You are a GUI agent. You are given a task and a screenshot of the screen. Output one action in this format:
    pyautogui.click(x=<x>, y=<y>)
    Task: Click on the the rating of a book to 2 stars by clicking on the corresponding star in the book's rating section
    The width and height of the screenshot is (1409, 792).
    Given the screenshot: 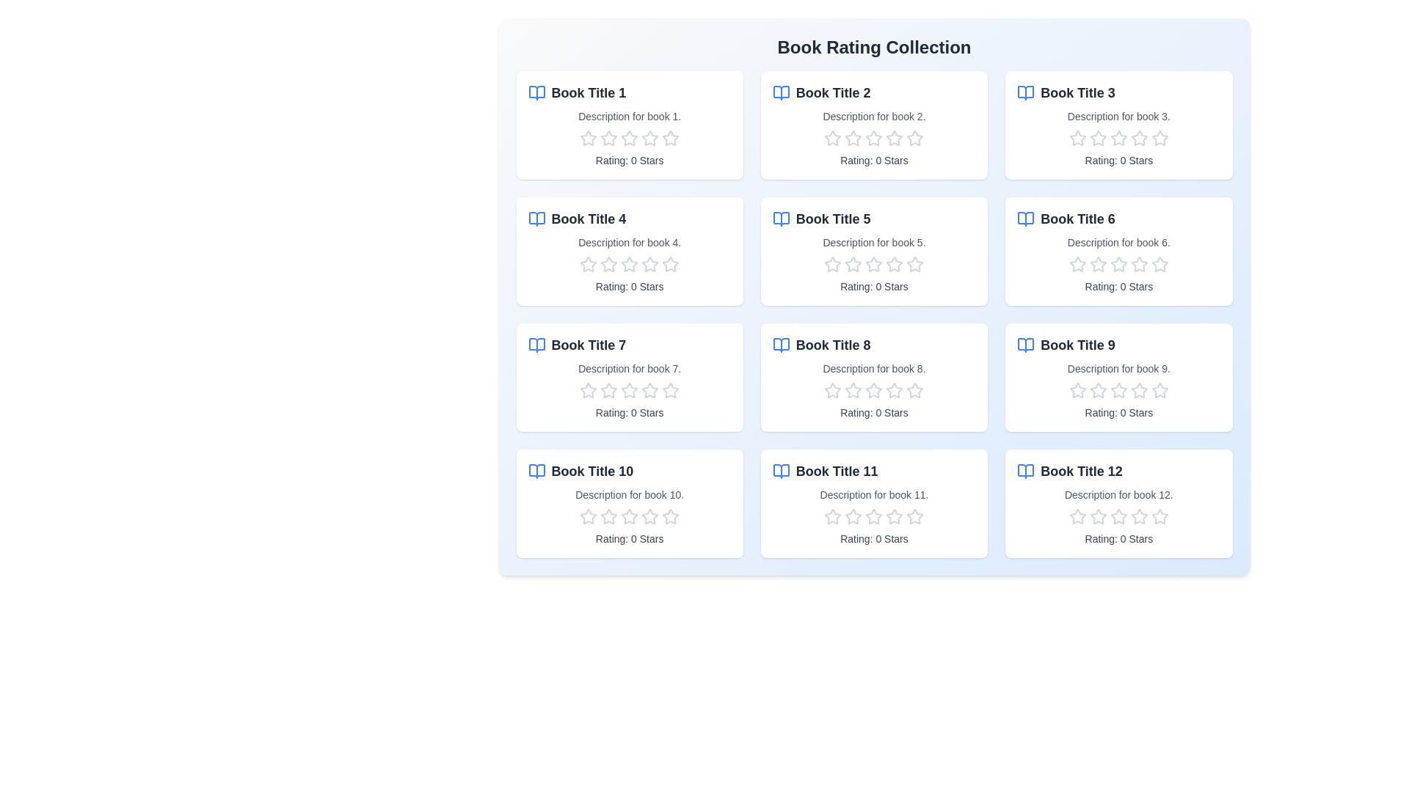 What is the action you would take?
    pyautogui.click(x=609, y=139)
    